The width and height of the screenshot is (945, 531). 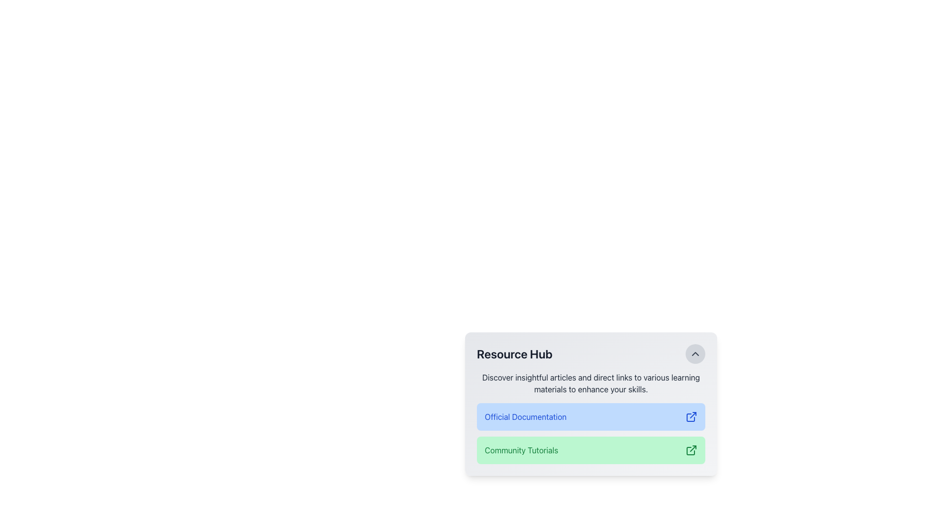 I want to click on the chevron icon located inside the circular button at the top right corner of the 'Resource Hub' card, so click(x=694, y=354).